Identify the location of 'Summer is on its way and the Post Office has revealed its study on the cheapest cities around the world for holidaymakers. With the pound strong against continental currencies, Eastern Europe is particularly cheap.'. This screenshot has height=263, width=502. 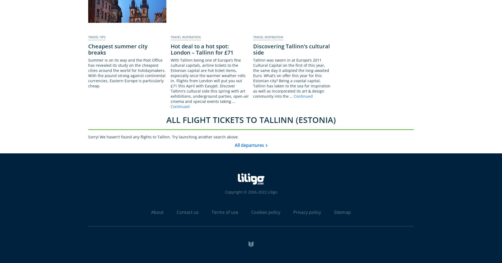
(127, 73).